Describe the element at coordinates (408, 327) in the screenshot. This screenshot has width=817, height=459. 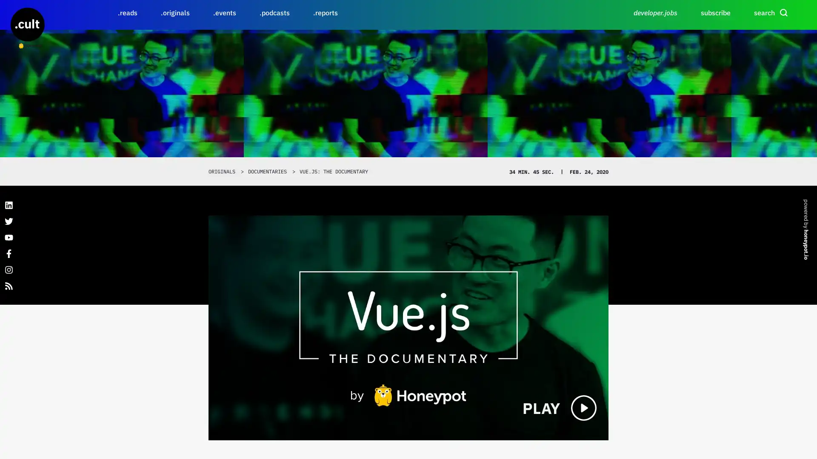
I see `Vue.js: The Documentary` at that location.